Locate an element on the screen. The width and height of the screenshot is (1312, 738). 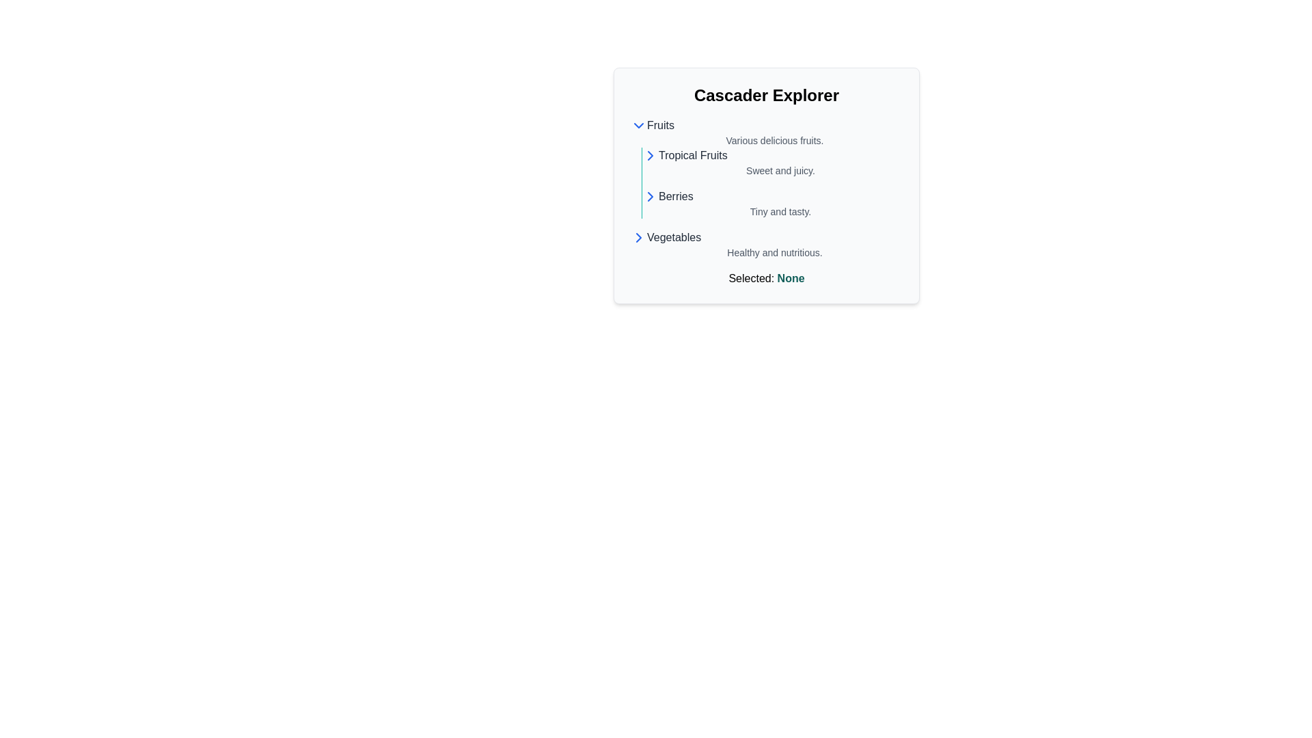
the 'Vegetables' menu item is located at coordinates (767, 244).